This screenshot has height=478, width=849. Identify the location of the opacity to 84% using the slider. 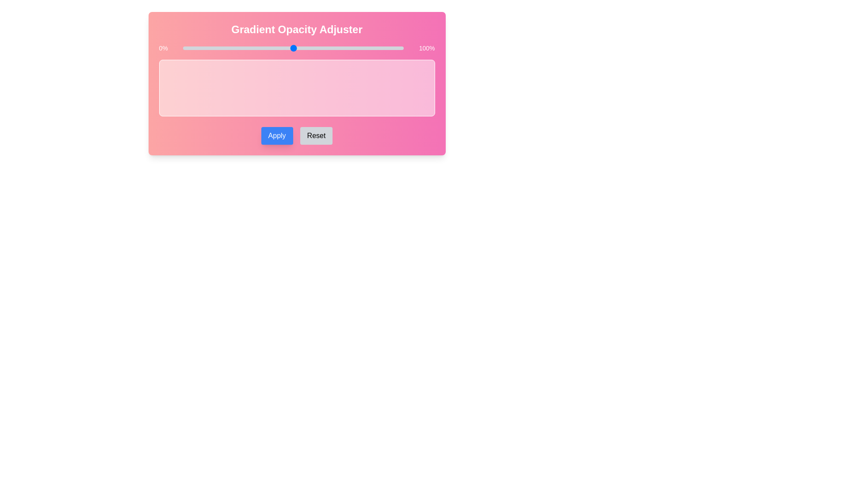
(368, 48).